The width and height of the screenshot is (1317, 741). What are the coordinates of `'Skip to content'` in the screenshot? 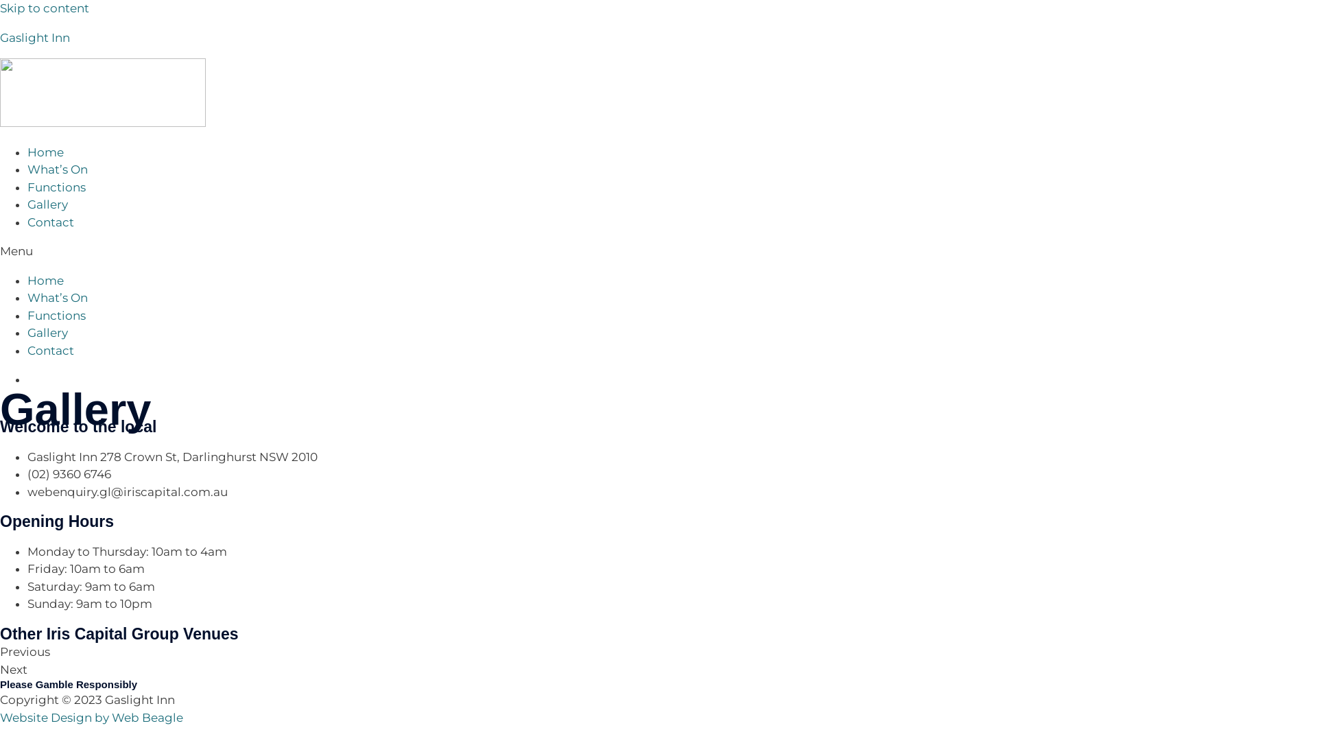 It's located at (45, 8).